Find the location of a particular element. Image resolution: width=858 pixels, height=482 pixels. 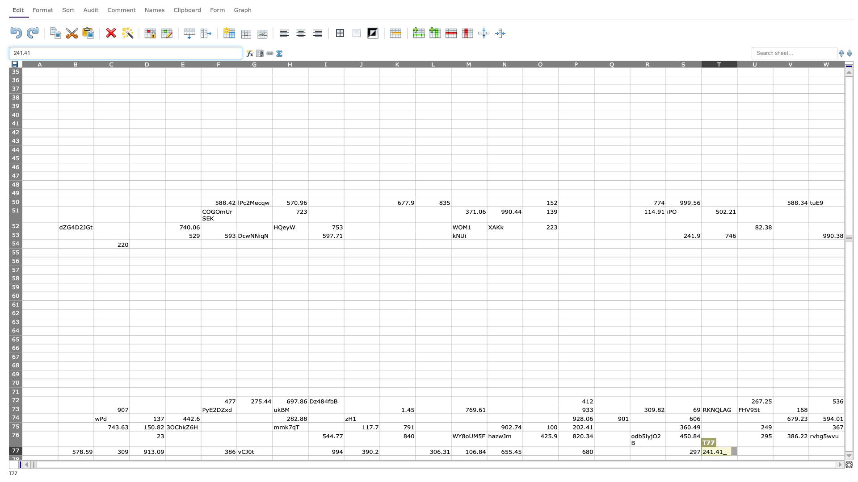

top left at column U row 77 is located at coordinates (737, 447).